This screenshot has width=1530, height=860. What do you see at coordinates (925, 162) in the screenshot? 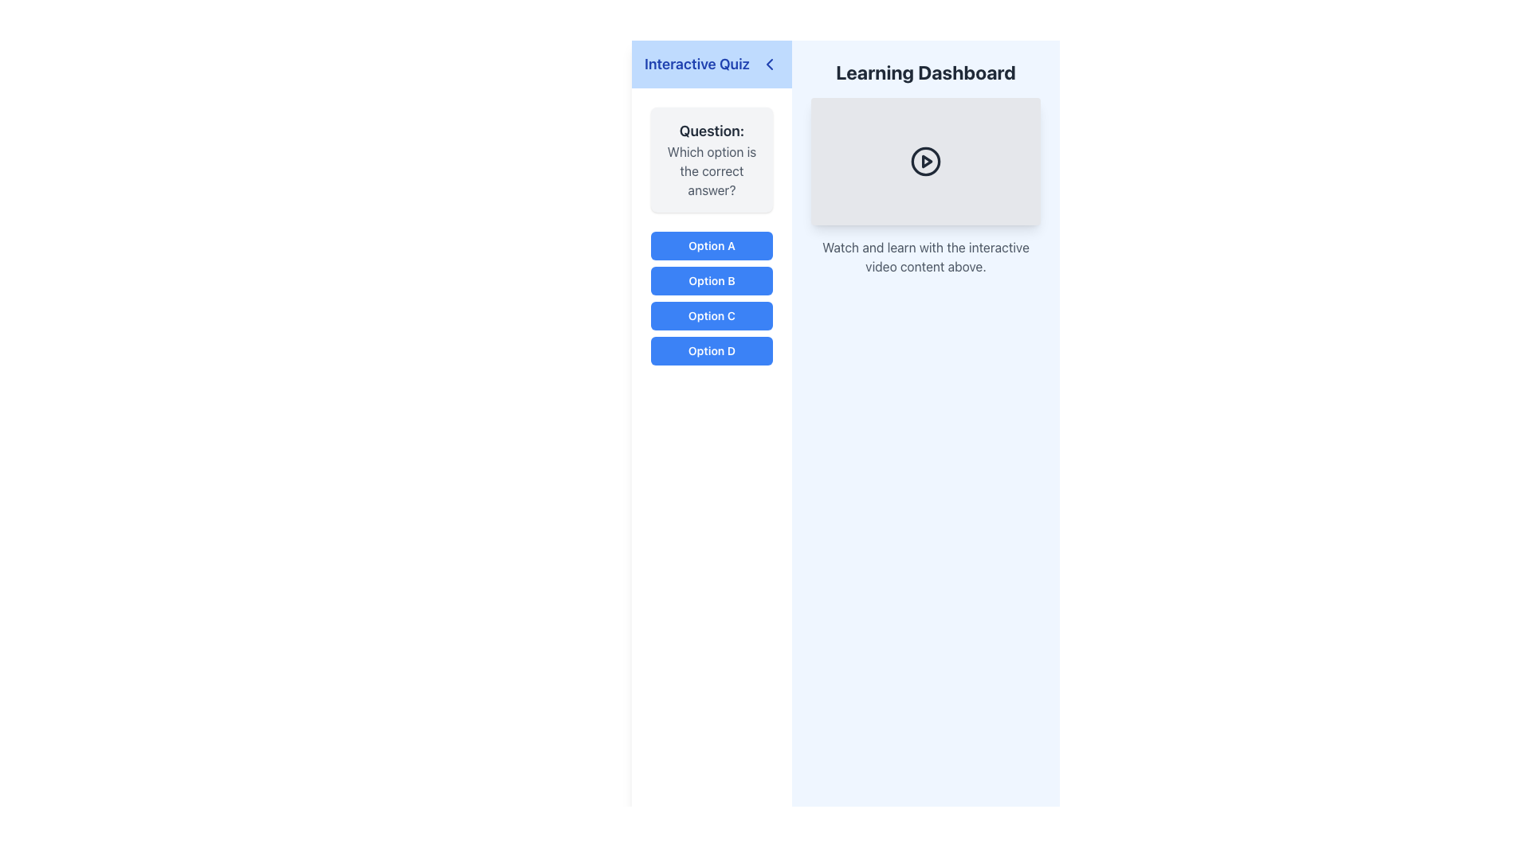
I see `the playback button located at the center of the rounded rectangular box under the 'Learning Dashboard' header` at bounding box center [925, 162].